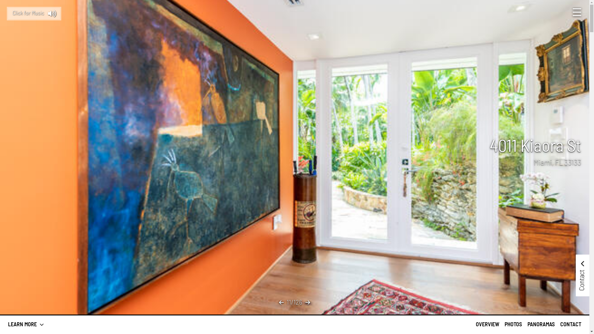  Describe the element at coordinates (513, 324) in the screenshot. I see `'PHOTOS'` at that location.